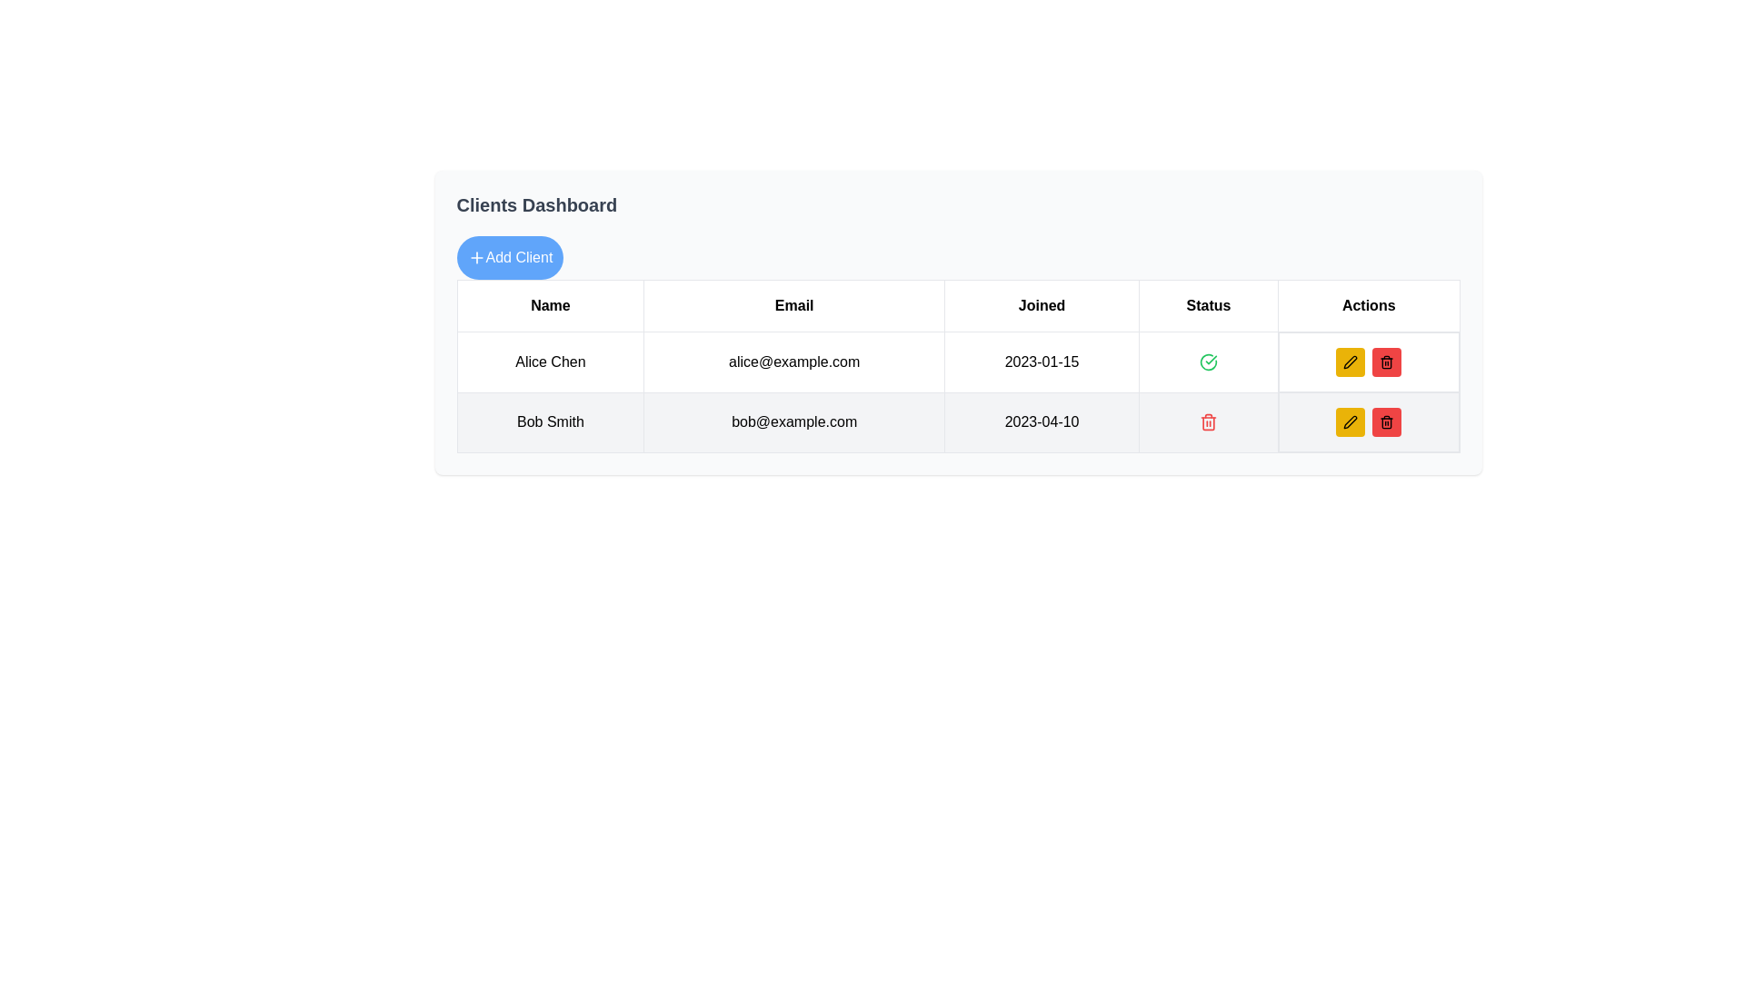  I want to click on the '+' icon located at the center of the blue 'Add Client' button, so click(476, 258).